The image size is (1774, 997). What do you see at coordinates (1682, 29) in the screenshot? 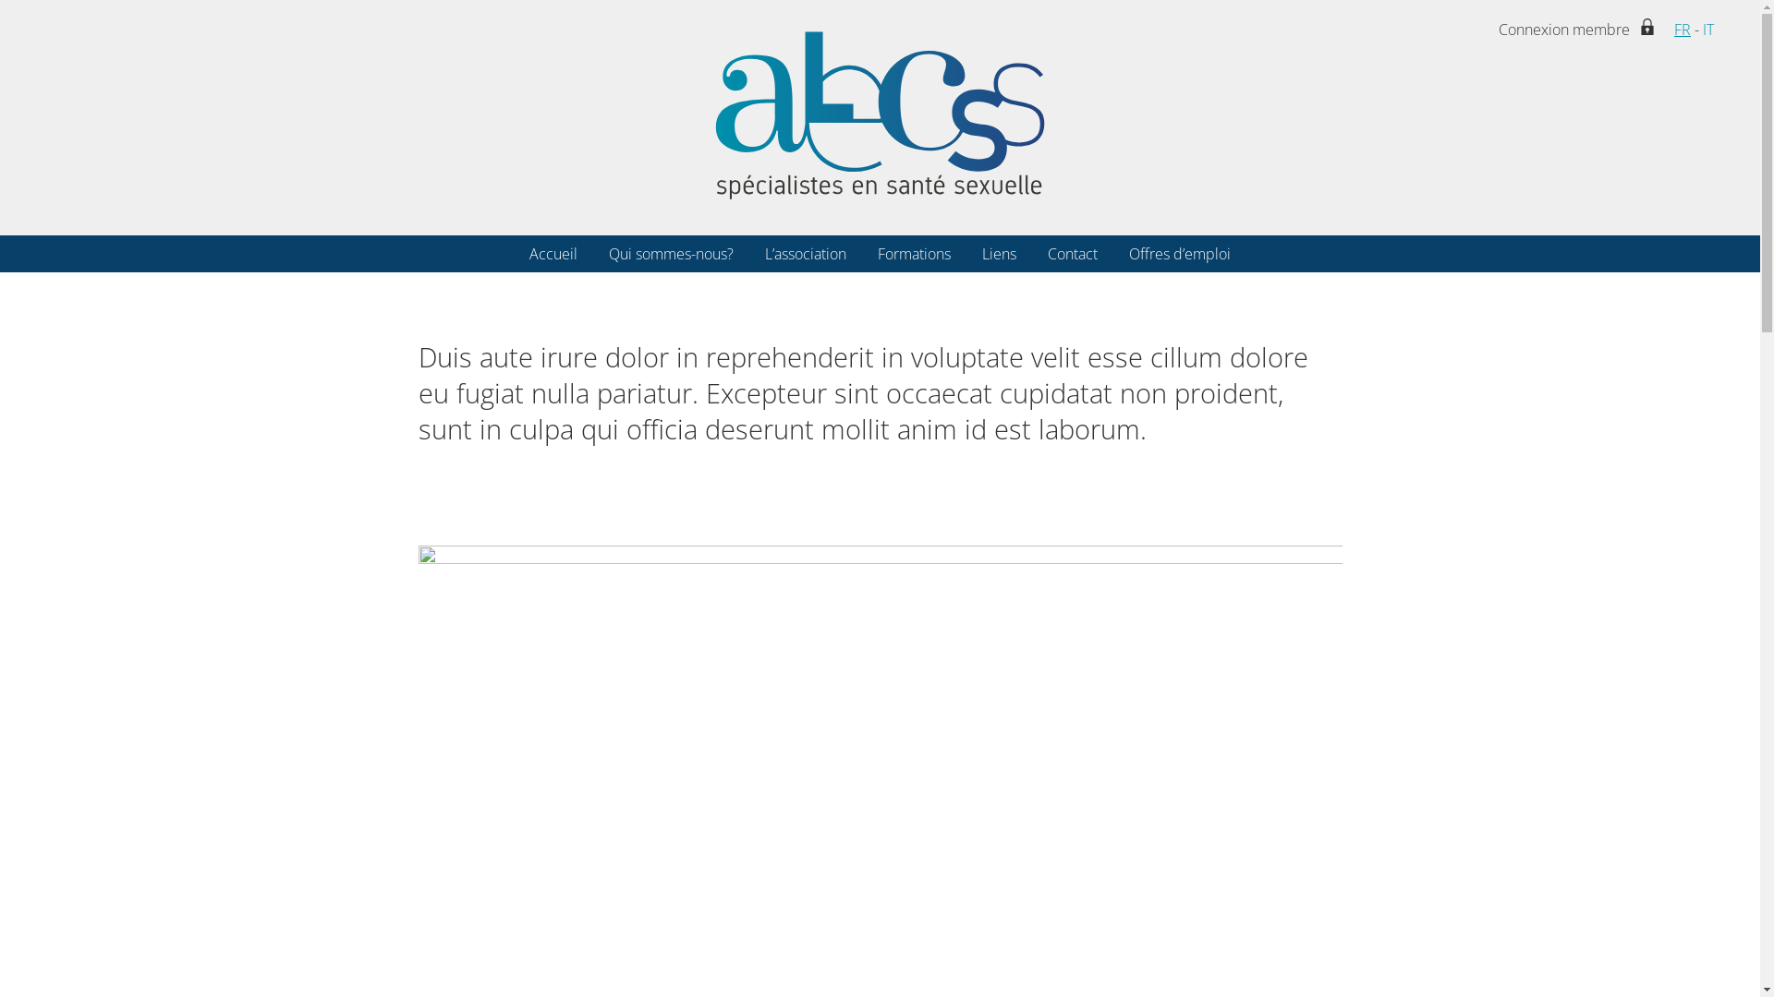
I see `'FR'` at bounding box center [1682, 29].